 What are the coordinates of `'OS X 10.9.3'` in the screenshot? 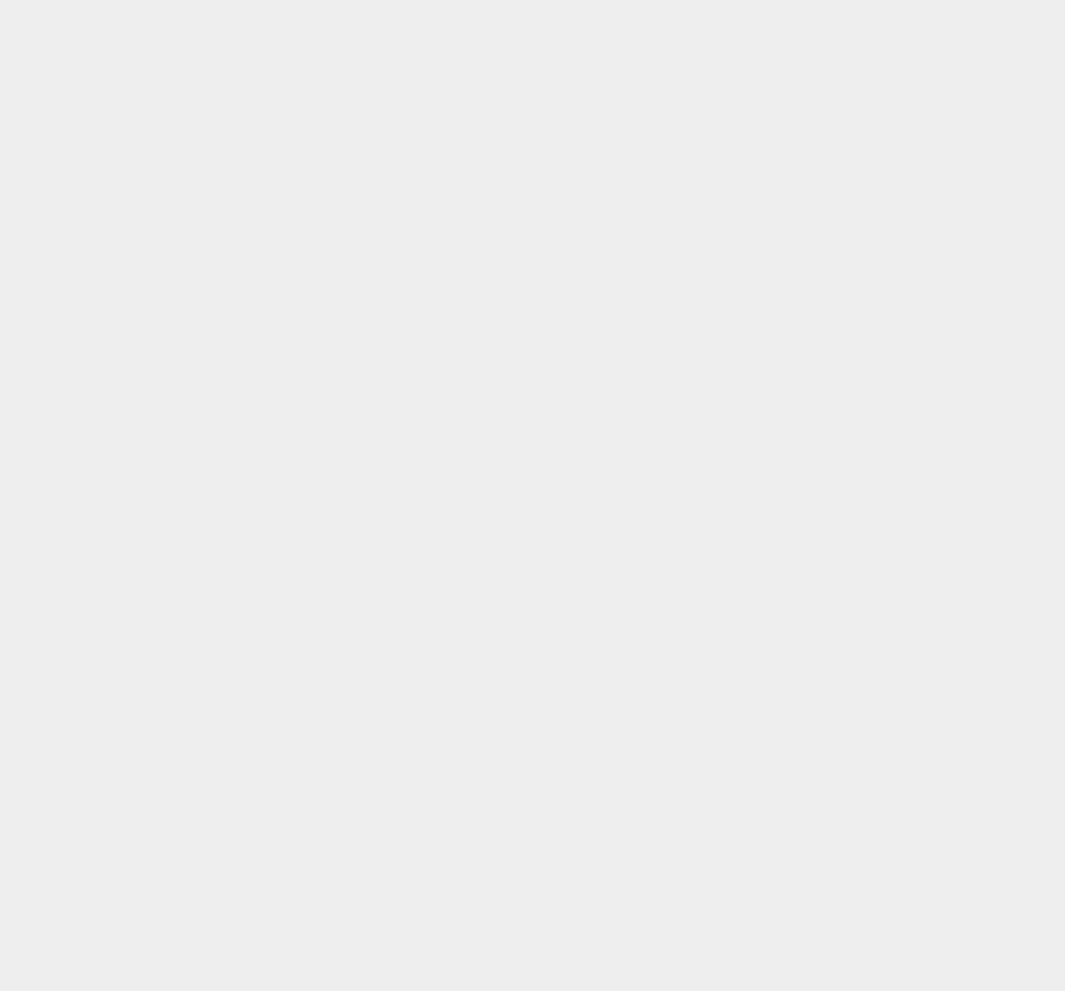 It's located at (785, 307).